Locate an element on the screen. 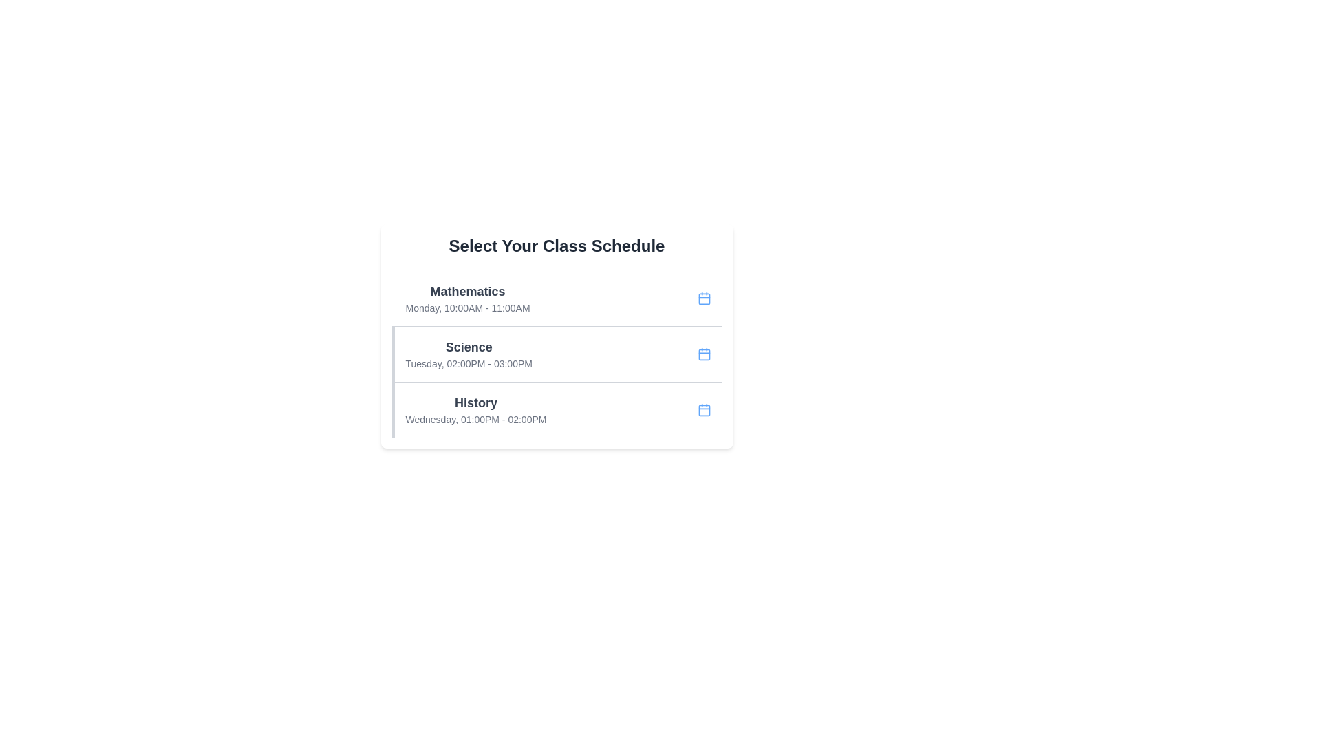 This screenshot has height=743, width=1321. the blue rounded rectangle SVG graphic element that is part of the calendar icon located on the right side of the 'Science' entry in the list is located at coordinates (704, 354).